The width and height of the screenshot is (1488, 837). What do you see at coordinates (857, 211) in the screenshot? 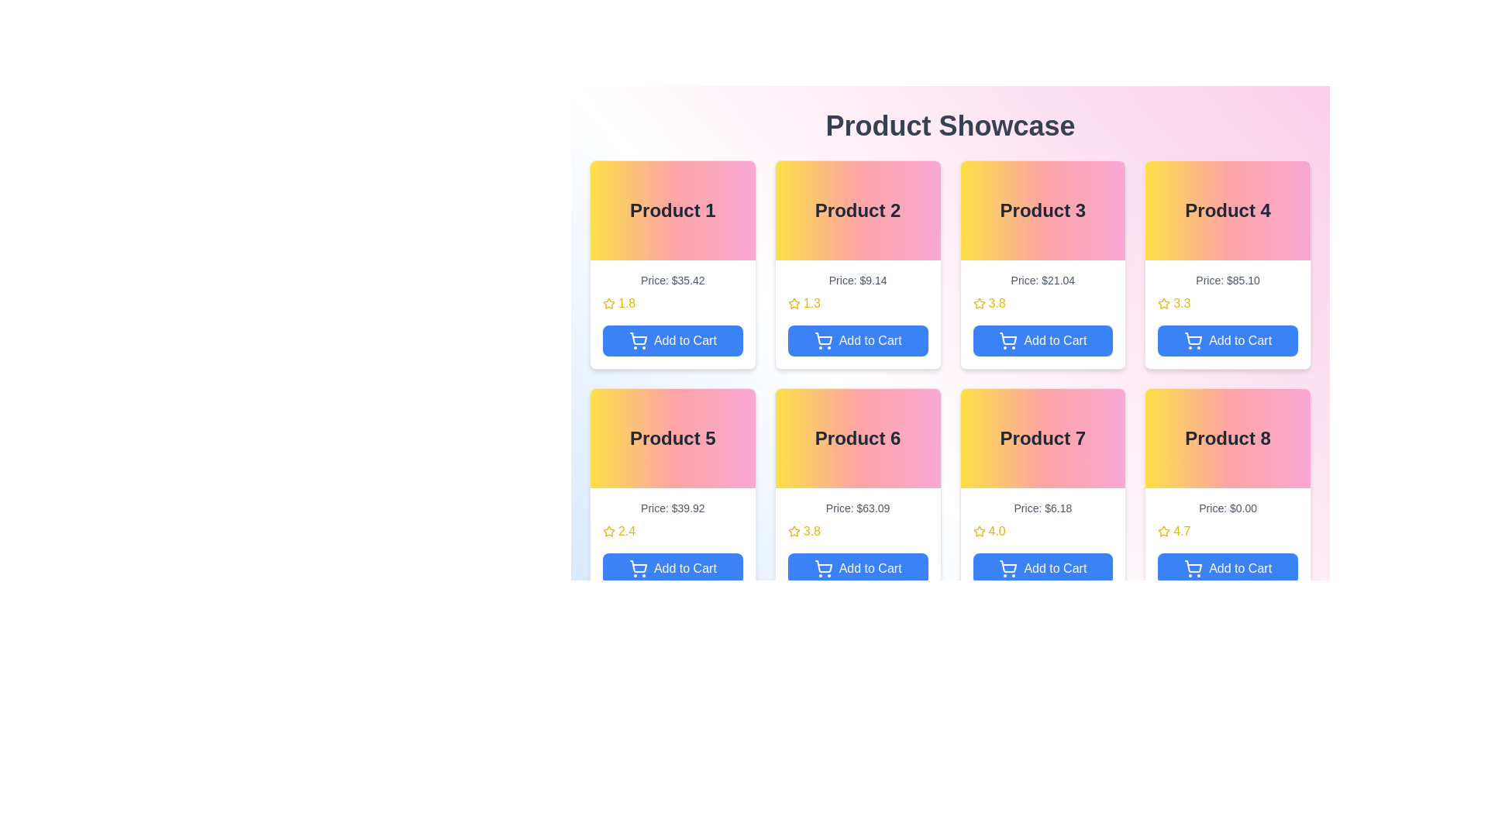
I see `the text display element with a gradient background that reads 'Product 2', located at the top middle of the interface in the second column of the first row` at bounding box center [857, 211].